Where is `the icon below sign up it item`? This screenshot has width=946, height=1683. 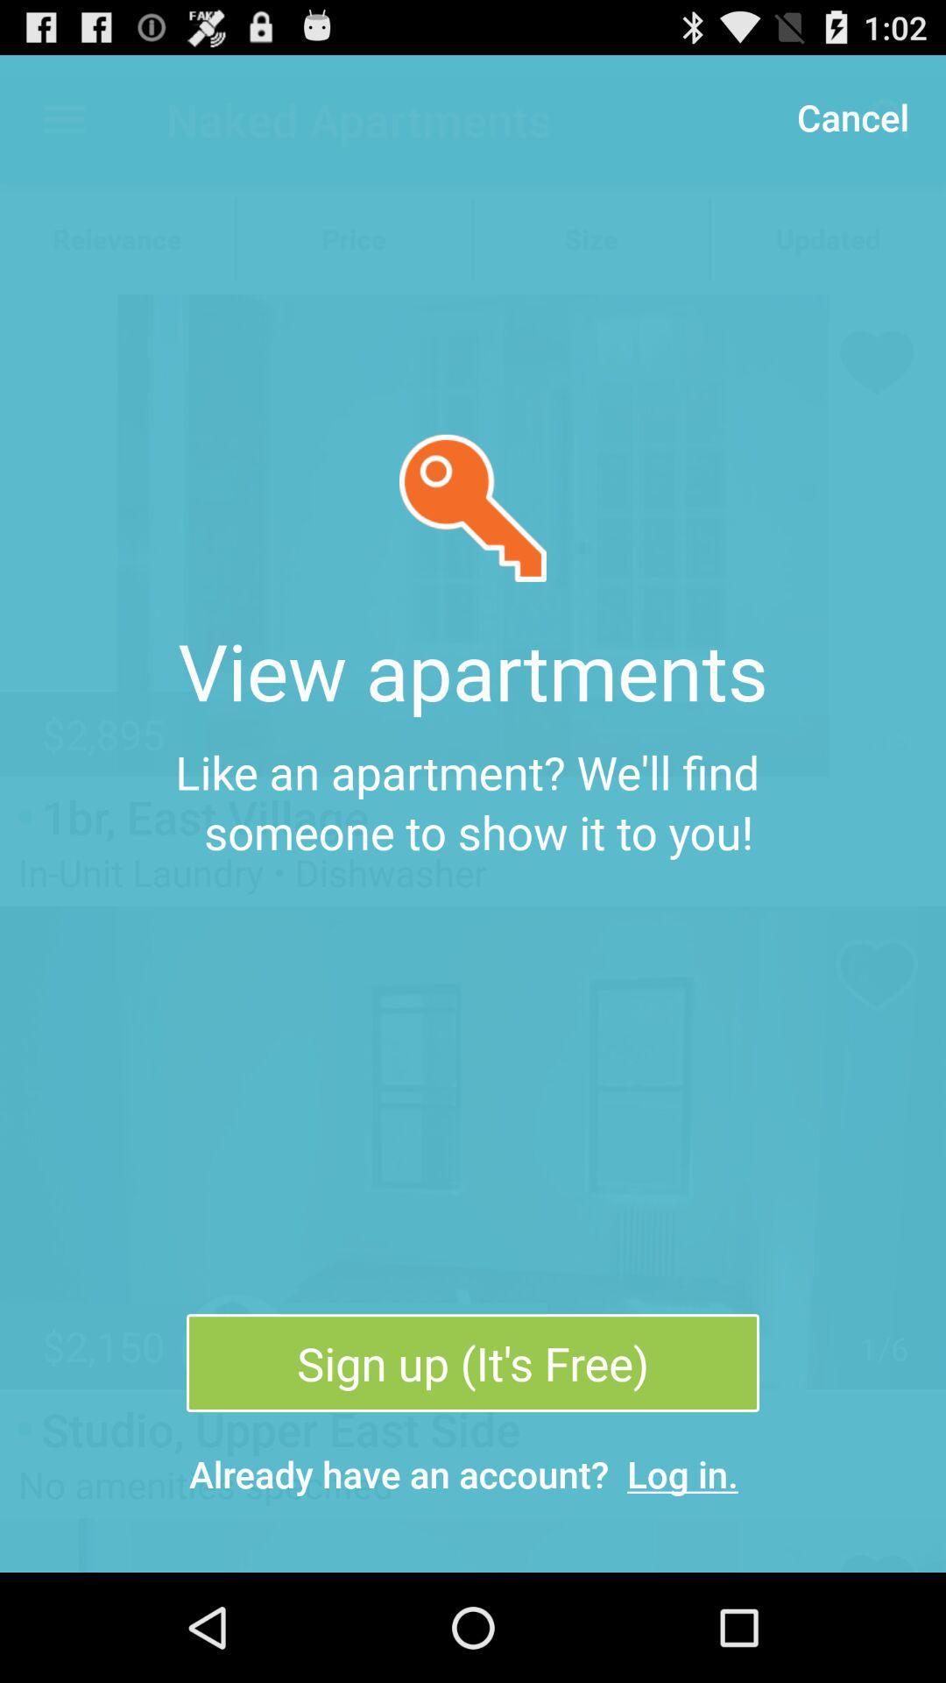 the icon below sign up it item is located at coordinates (681, 1473).